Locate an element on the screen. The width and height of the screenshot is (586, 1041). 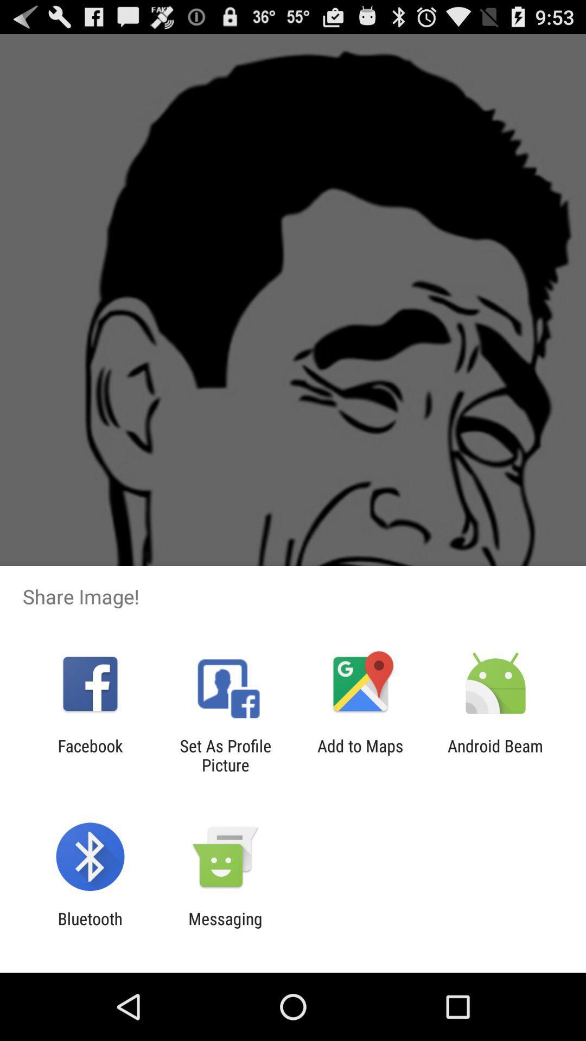
set as profile icon is located at coordinates (225, 755).